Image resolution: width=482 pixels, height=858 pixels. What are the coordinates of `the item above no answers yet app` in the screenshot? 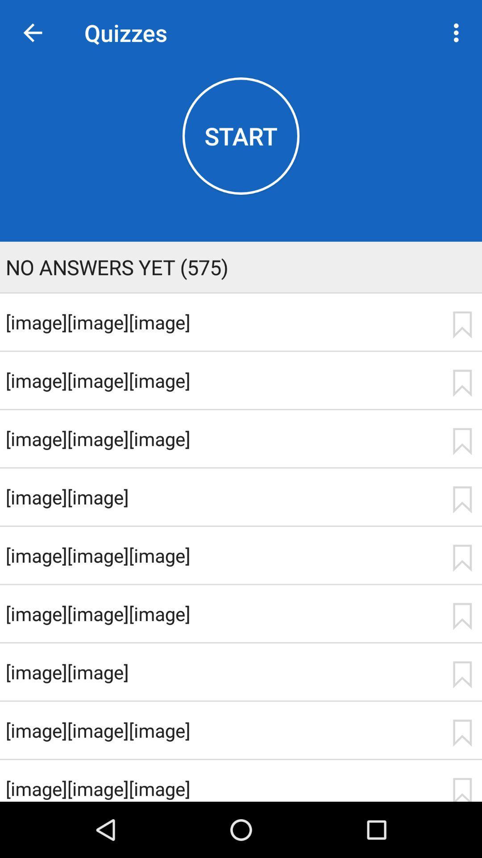 It's located at (241, 135).